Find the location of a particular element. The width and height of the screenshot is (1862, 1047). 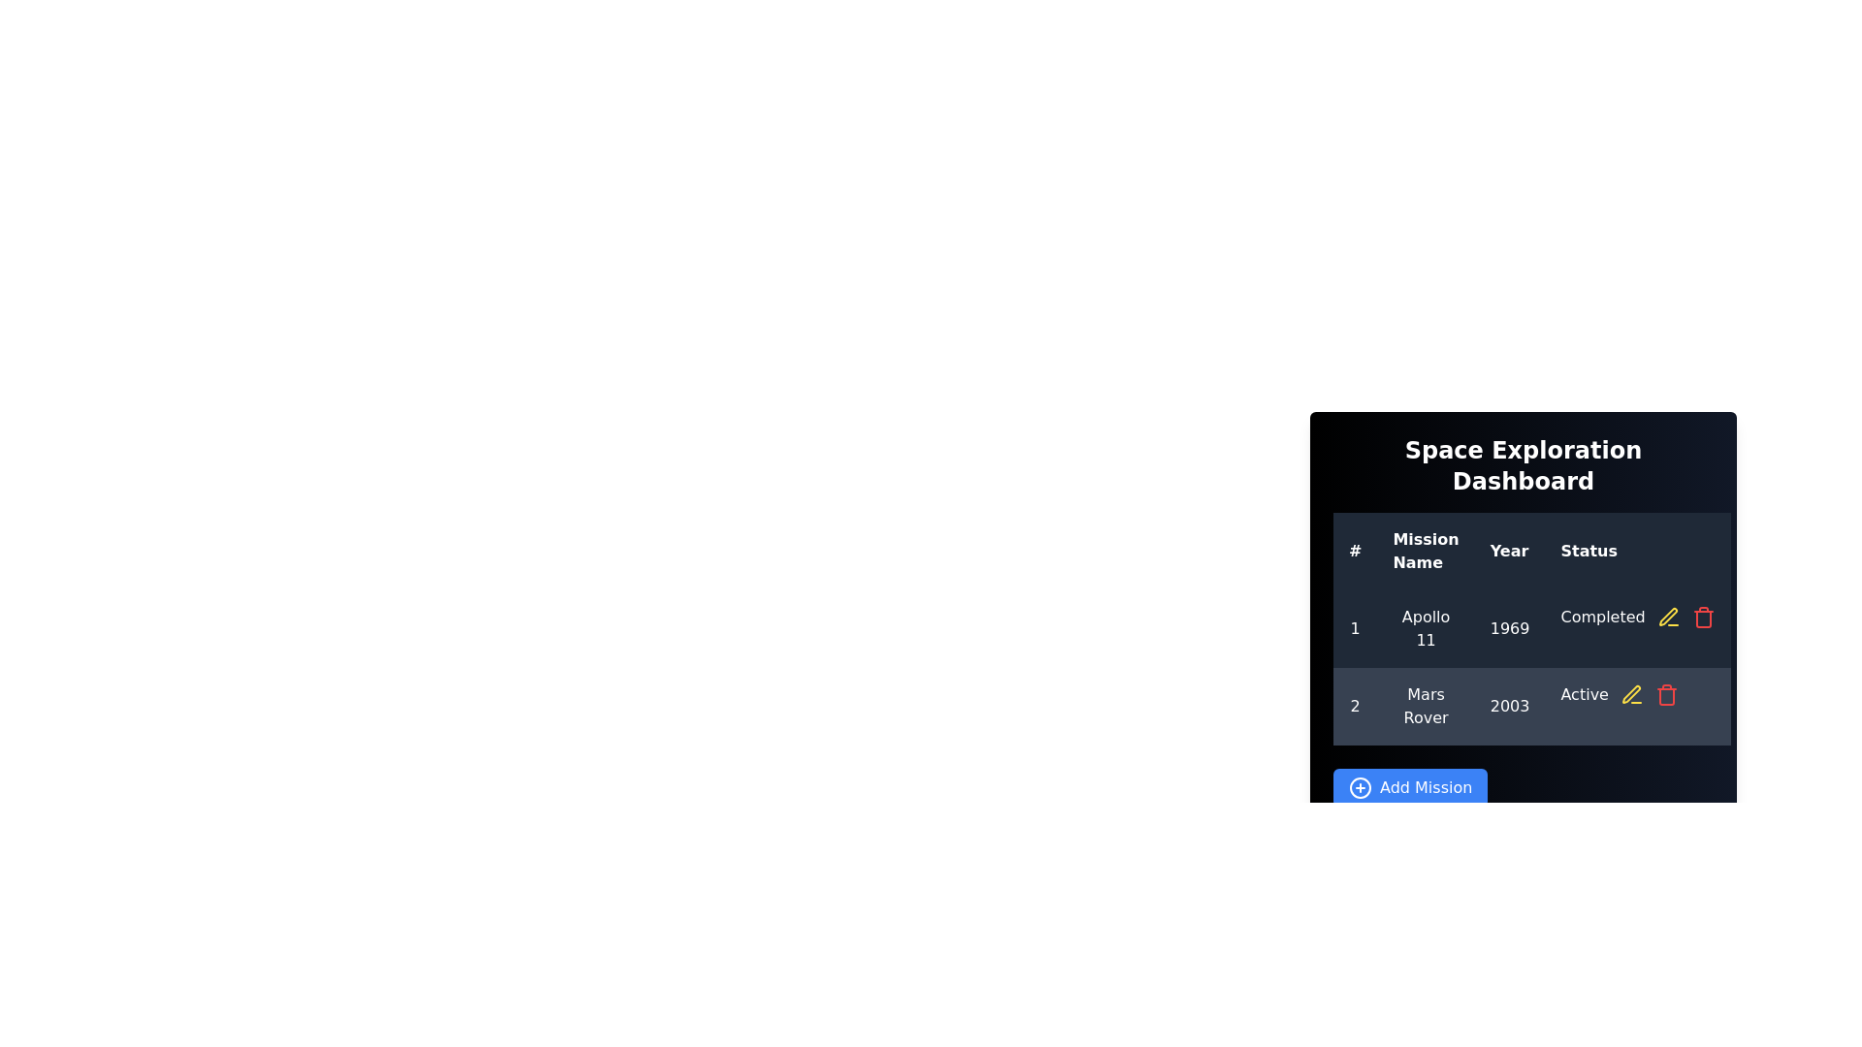

the clickable edit button located in the Status column of the first row of the table, which is adjacent to a red trash icon is located at coordinates (1667, 617).